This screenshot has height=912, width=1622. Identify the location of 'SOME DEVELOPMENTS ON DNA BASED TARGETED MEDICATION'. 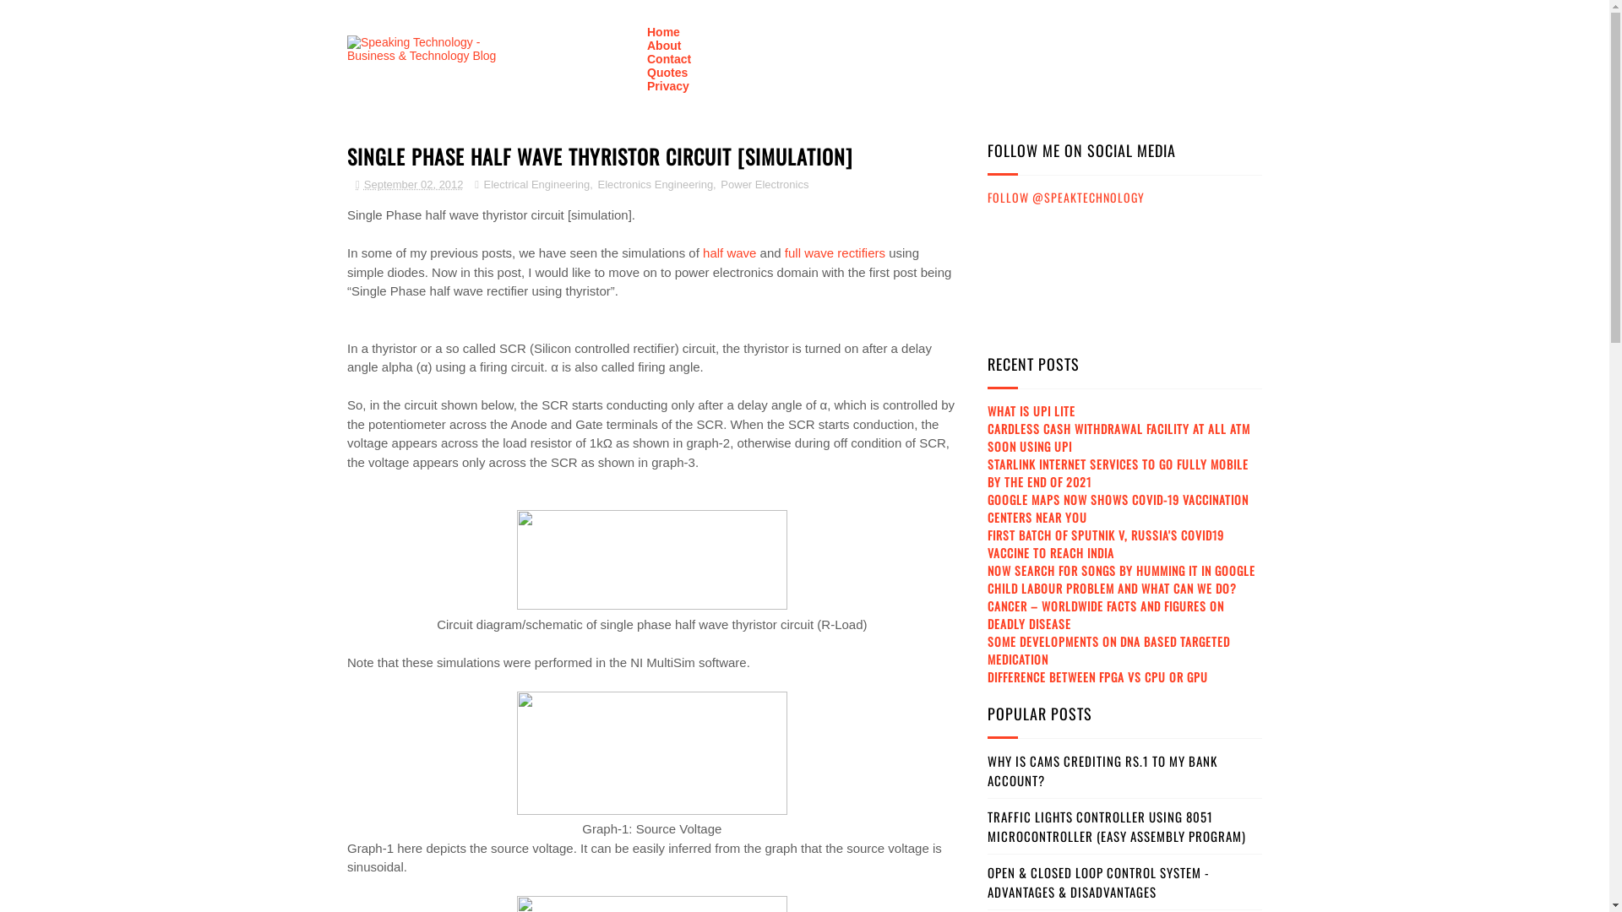
(1108, 649).